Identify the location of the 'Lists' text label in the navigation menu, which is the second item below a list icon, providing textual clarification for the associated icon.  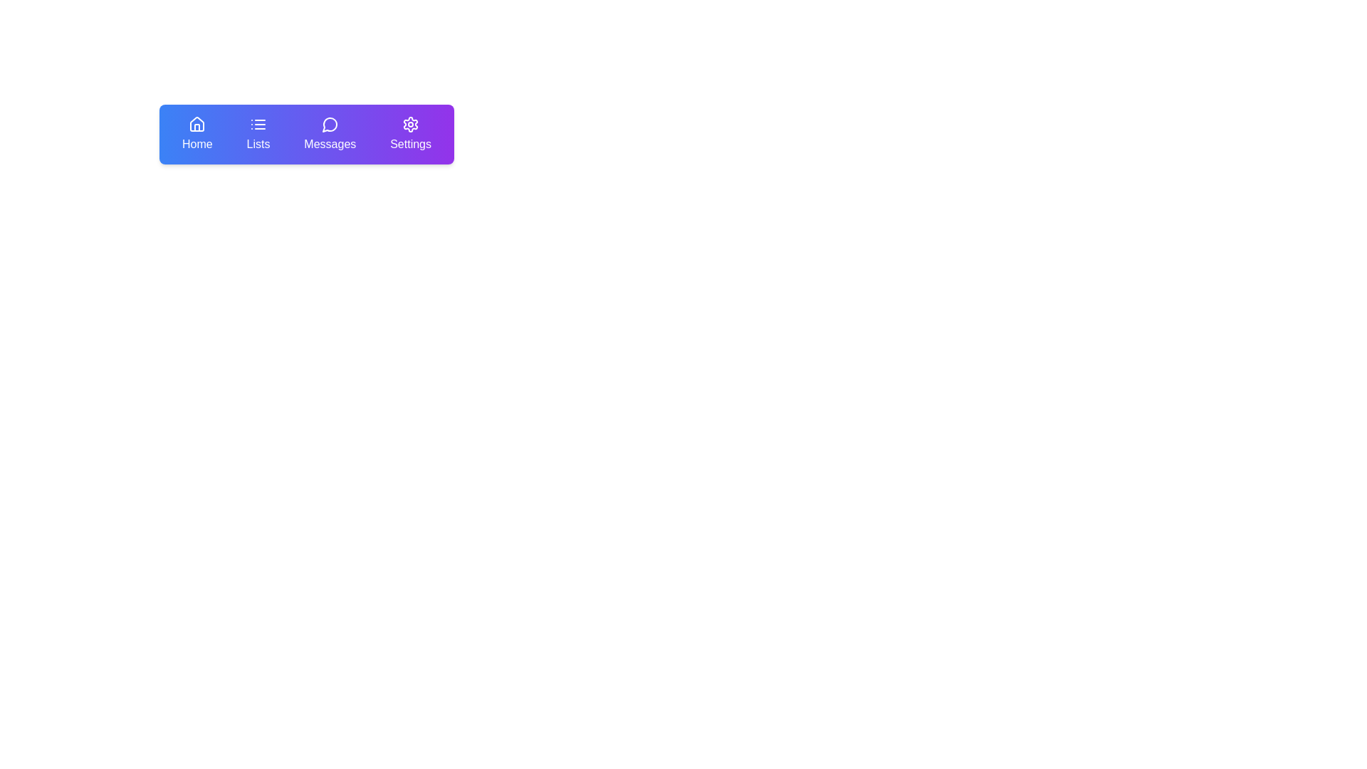
(258, 145).